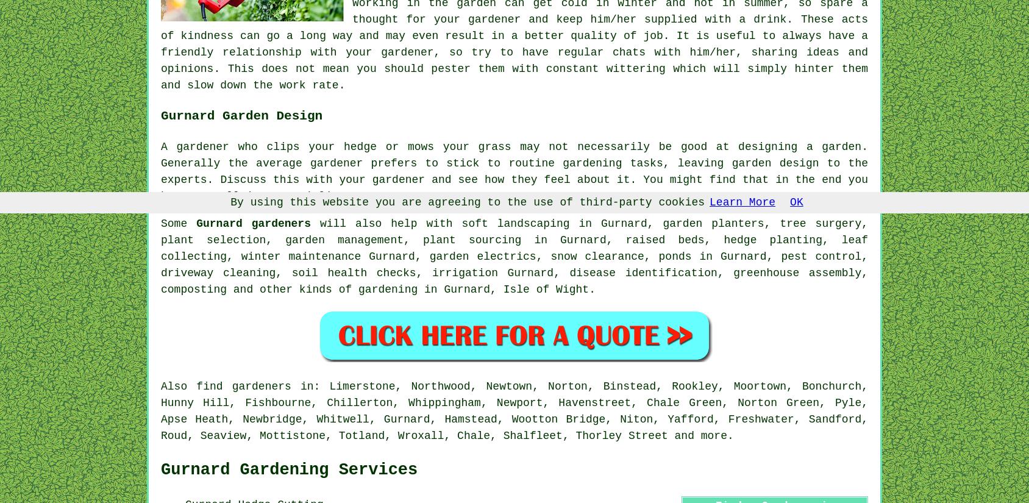 This screenshot has height=503, width=1029. I want to click on 'drink', so click(753, 19).